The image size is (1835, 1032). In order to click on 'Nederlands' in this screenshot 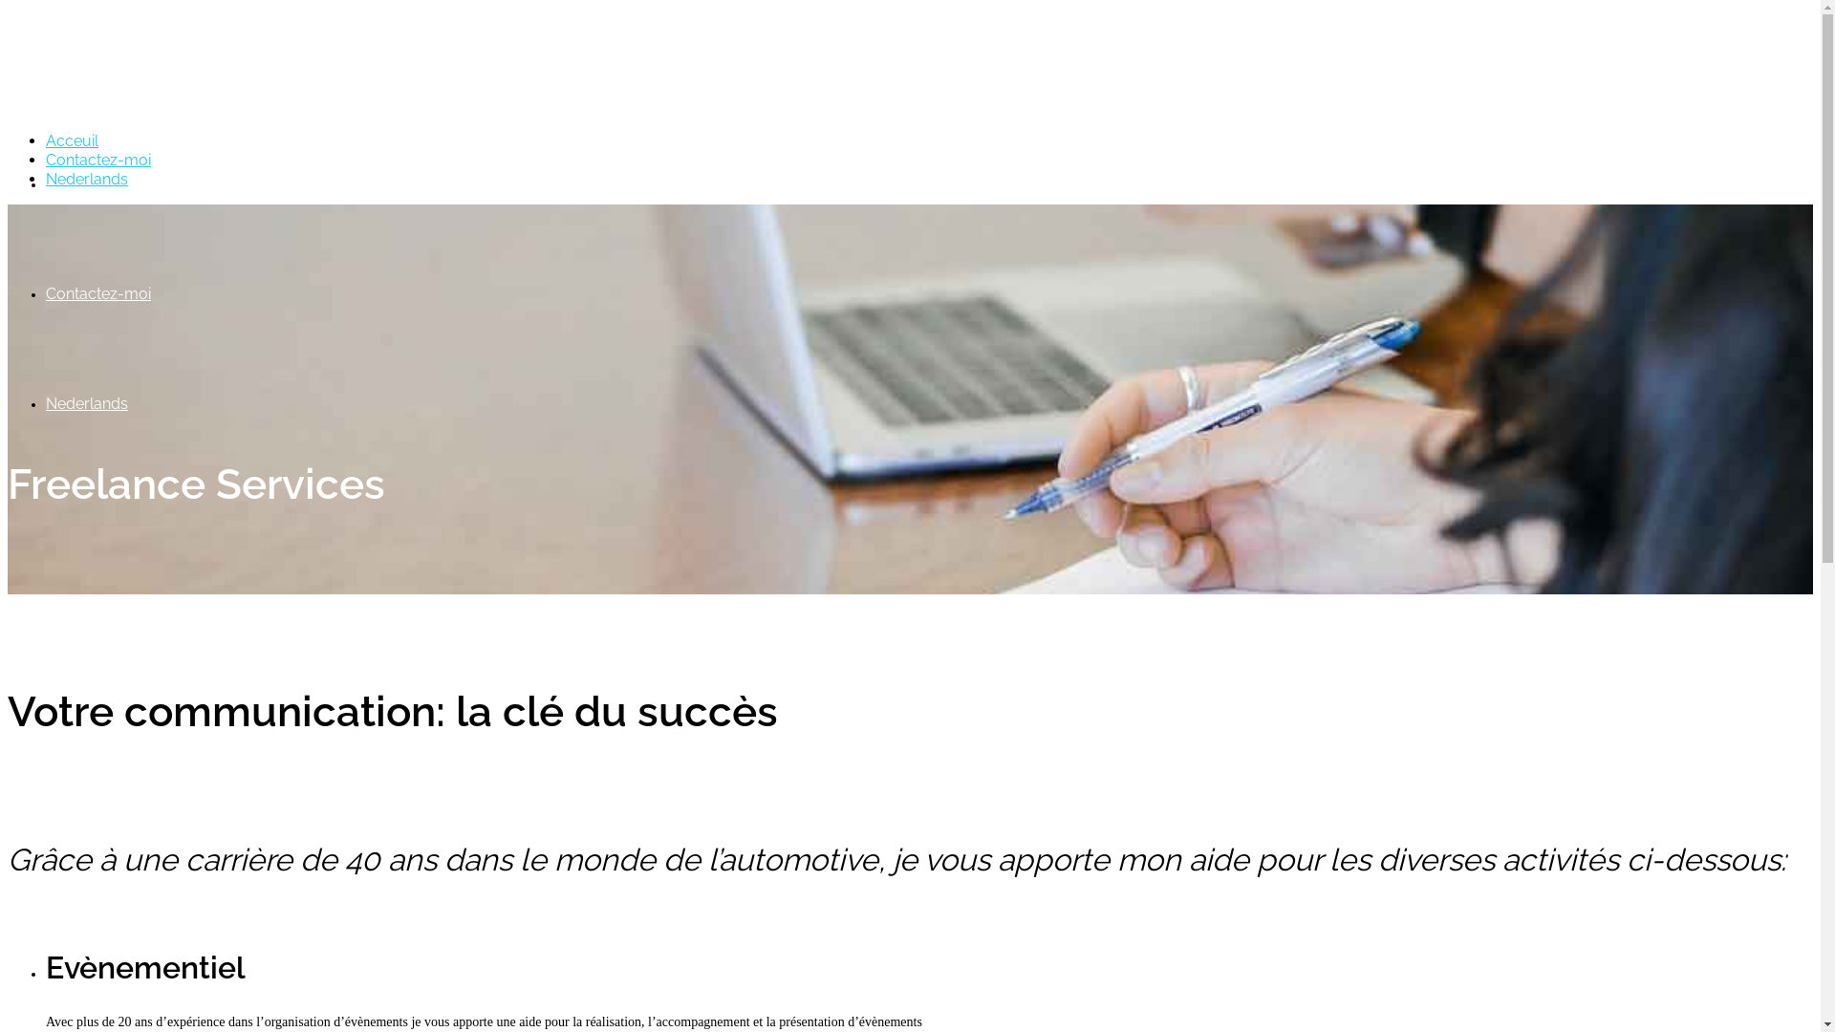, I will do `click(86, 402)`.